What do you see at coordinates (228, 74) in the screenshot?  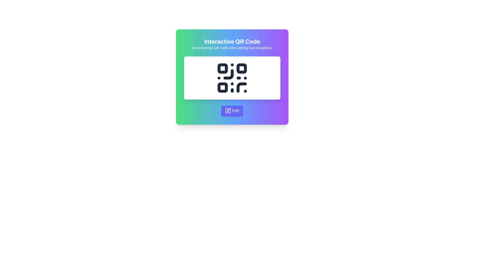 I see `the curved line icon within the QR code graphic, which is styled with a dark fill color against a white background and is located slightly to the top-right of the center of the QR code` at bounding box center [228, 74].